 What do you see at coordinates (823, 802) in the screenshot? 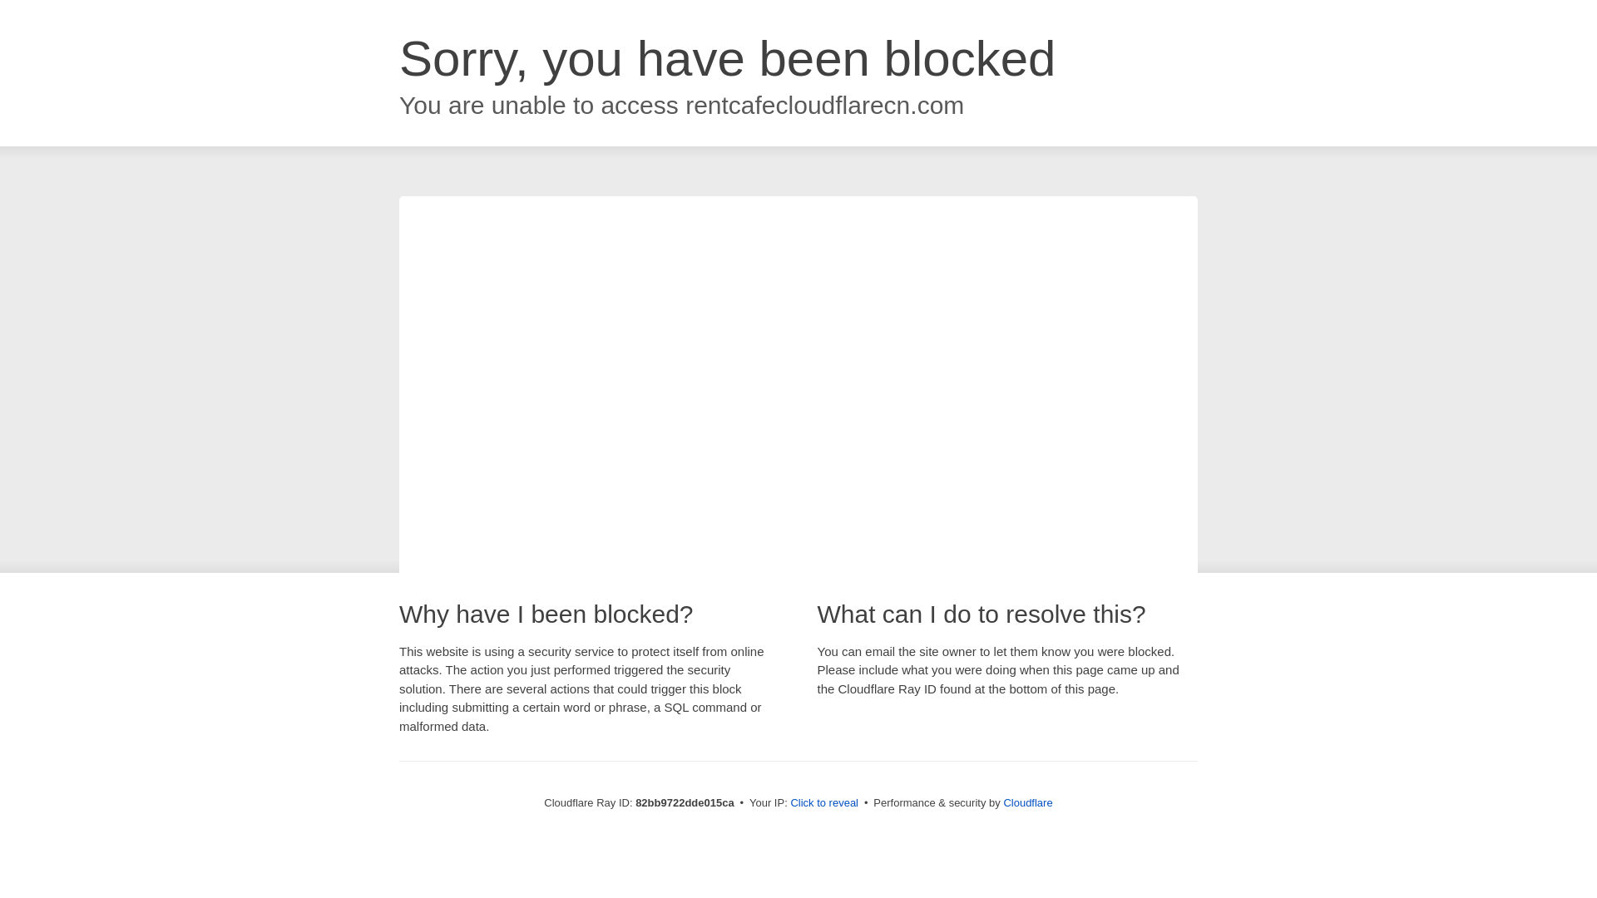
I see `'Click to reveal'` at bounding box center [823, 802].